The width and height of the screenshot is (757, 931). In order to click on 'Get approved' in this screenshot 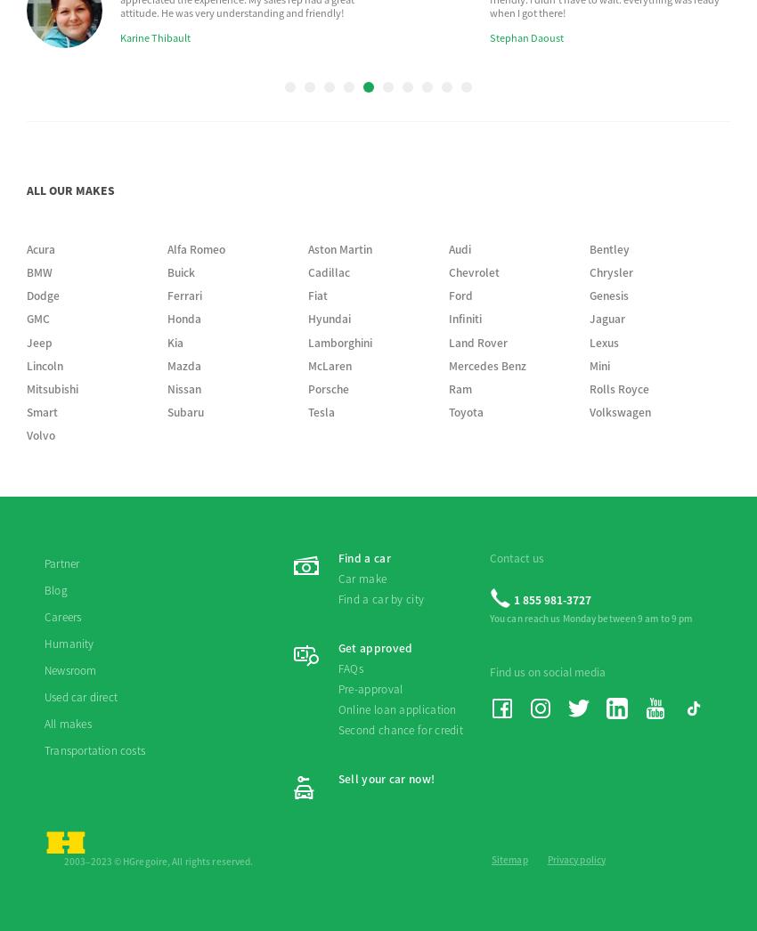, I will do `click(337, 309)`.